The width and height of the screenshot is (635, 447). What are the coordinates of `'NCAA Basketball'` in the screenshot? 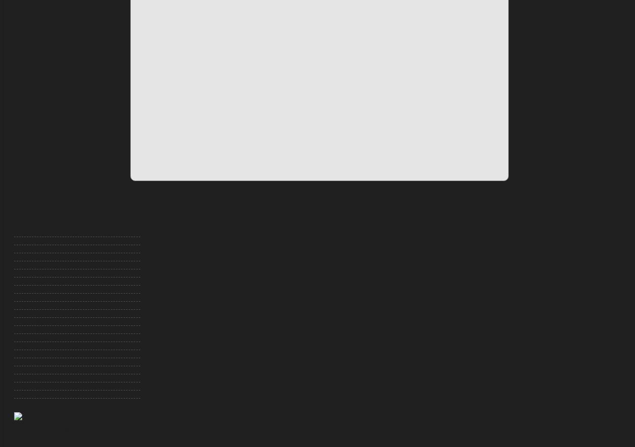 It's located at (37, 329).